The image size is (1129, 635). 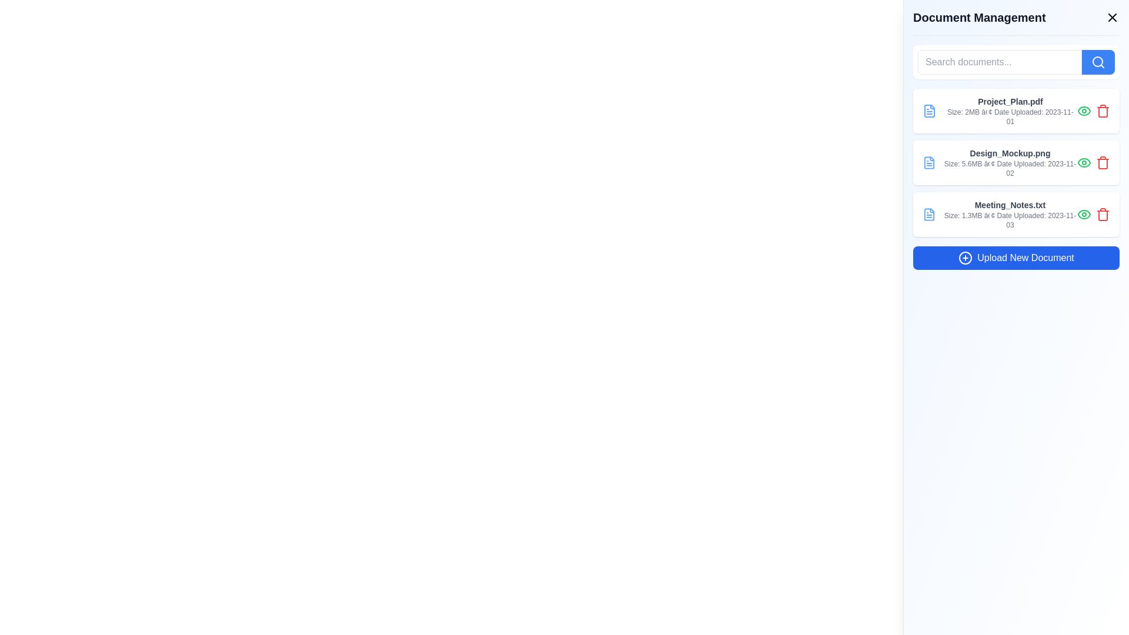 I want to click on the trash bin icon located to the right of the 'Meeting_Notes.txt' file entry in the Document Management section to initiate a delete action, so click(x=1103, y=215).